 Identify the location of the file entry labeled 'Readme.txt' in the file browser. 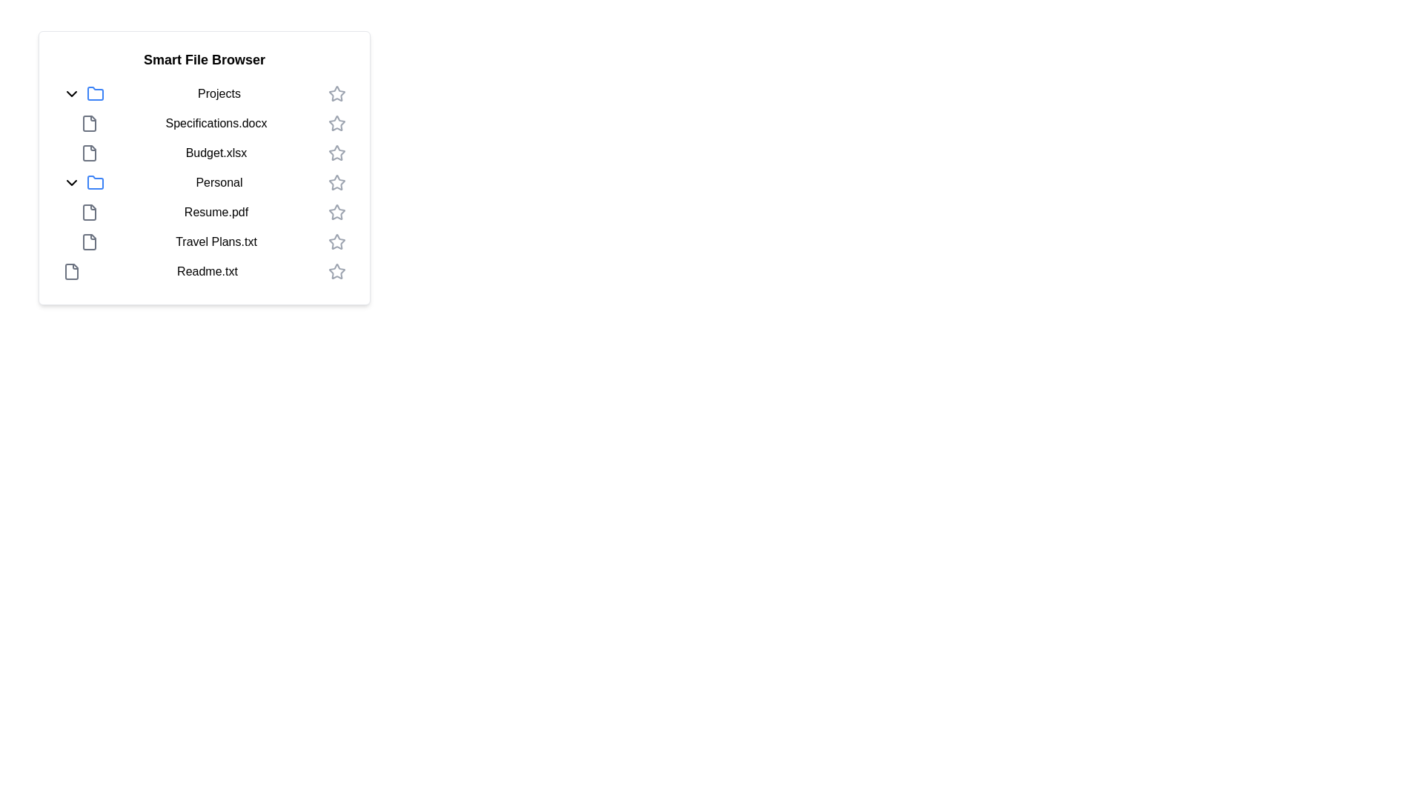
(203, 271).